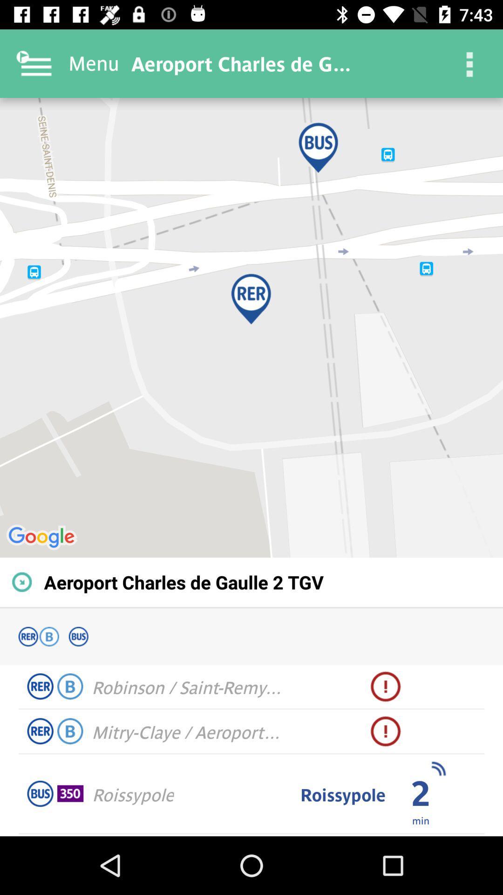 The height and width of the screenshot is (895, 503). Describe the element at coordinates (251, 328) in the screenshot. I see `the item above aeroport charles de` at that location.